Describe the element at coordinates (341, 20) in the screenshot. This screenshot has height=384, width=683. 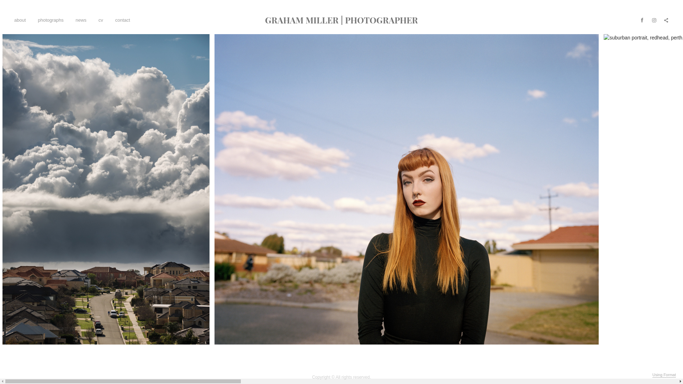
I see `'GRAHAM MILLER | PHOTOGRAPHER'` at that location.